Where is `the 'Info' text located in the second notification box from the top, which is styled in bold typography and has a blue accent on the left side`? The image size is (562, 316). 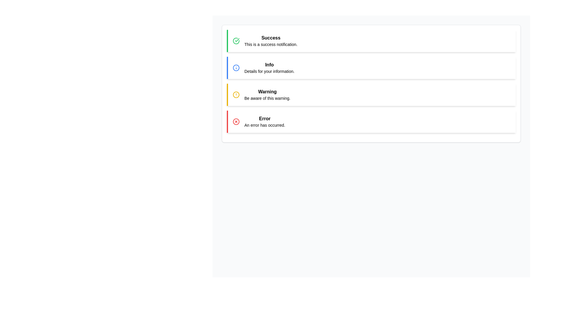 the 'Info' text located in the second notification box from the top, which is styled in bold typography and has a blue accent on the left side is located at coordinates (269, 65).